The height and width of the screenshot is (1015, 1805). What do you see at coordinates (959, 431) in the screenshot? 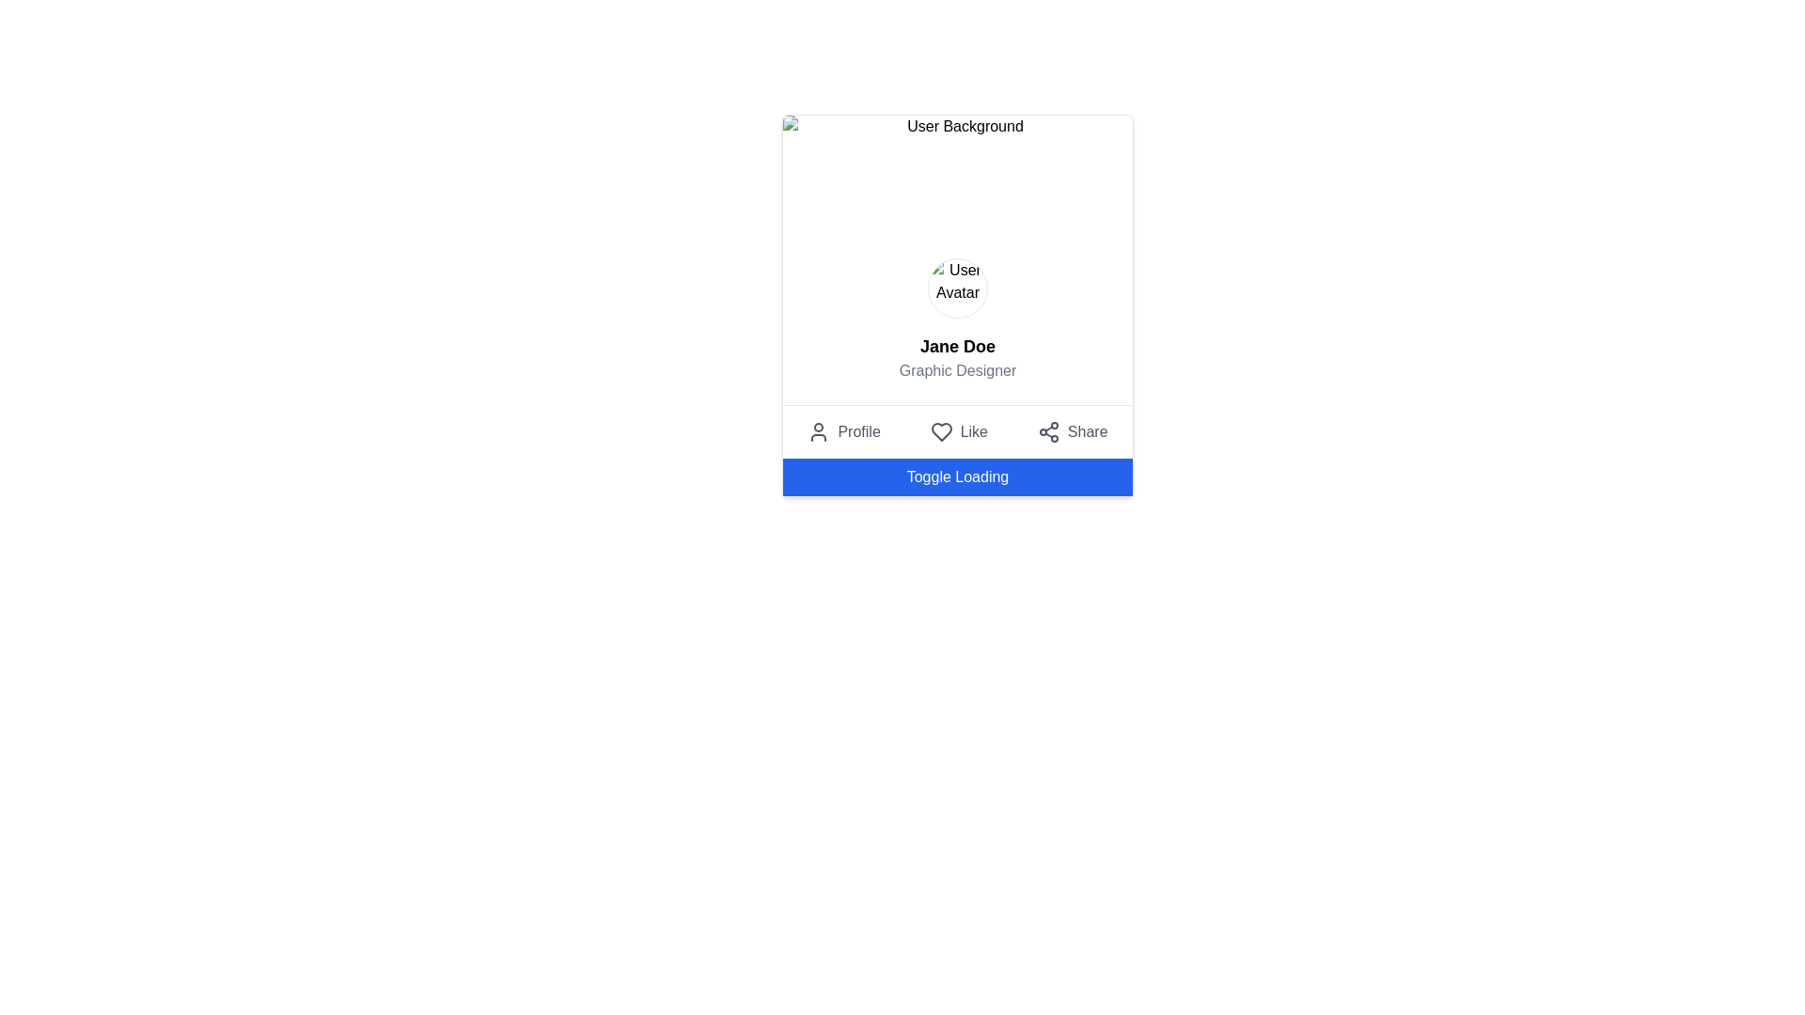
I see `the second button in a horizontal set of three buttons located in the footer section beneath a user profile card` at bounding box center [959, 431].